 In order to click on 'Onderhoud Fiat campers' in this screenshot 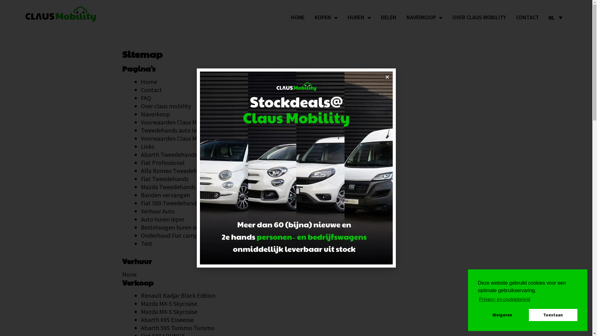, I will do `click(173, 235)`.